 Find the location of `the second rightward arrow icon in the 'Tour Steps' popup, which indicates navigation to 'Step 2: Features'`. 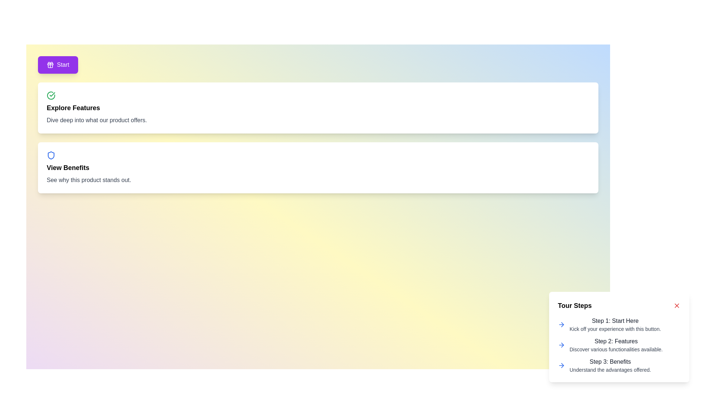

the second rightward arrow icon in the 'Tour Steps' popup, which indicates navigation to 'Step 2: Features' is located at coordinates (562, 345).